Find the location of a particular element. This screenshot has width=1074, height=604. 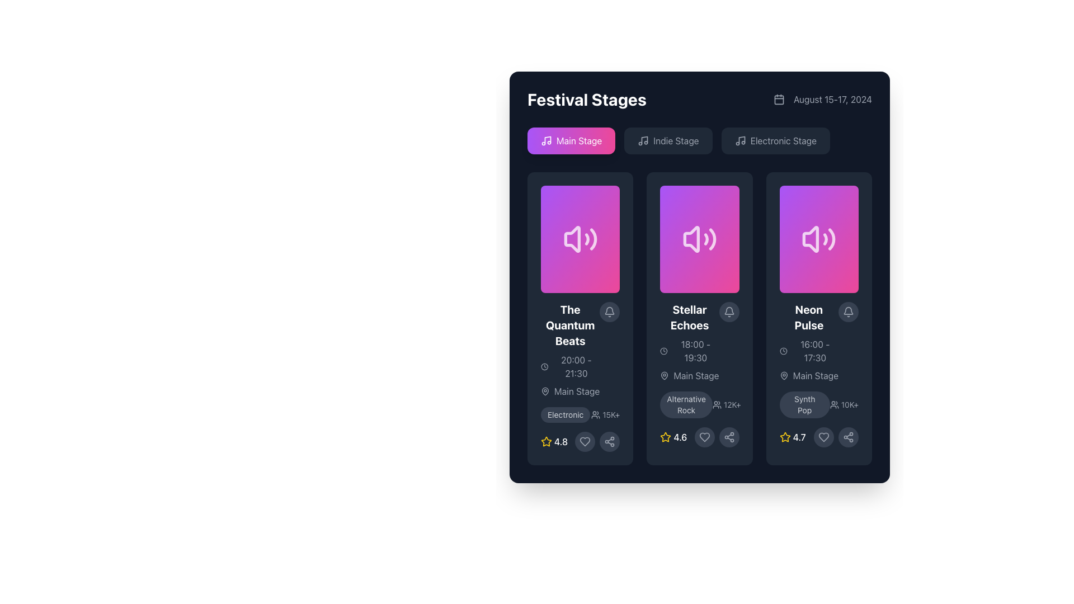

the Text element with an icon displaying the number of attendees for the event 'Neon Pulse', located to the right of the 'Synth Pop' genre label is located at coordinates (844, 405).